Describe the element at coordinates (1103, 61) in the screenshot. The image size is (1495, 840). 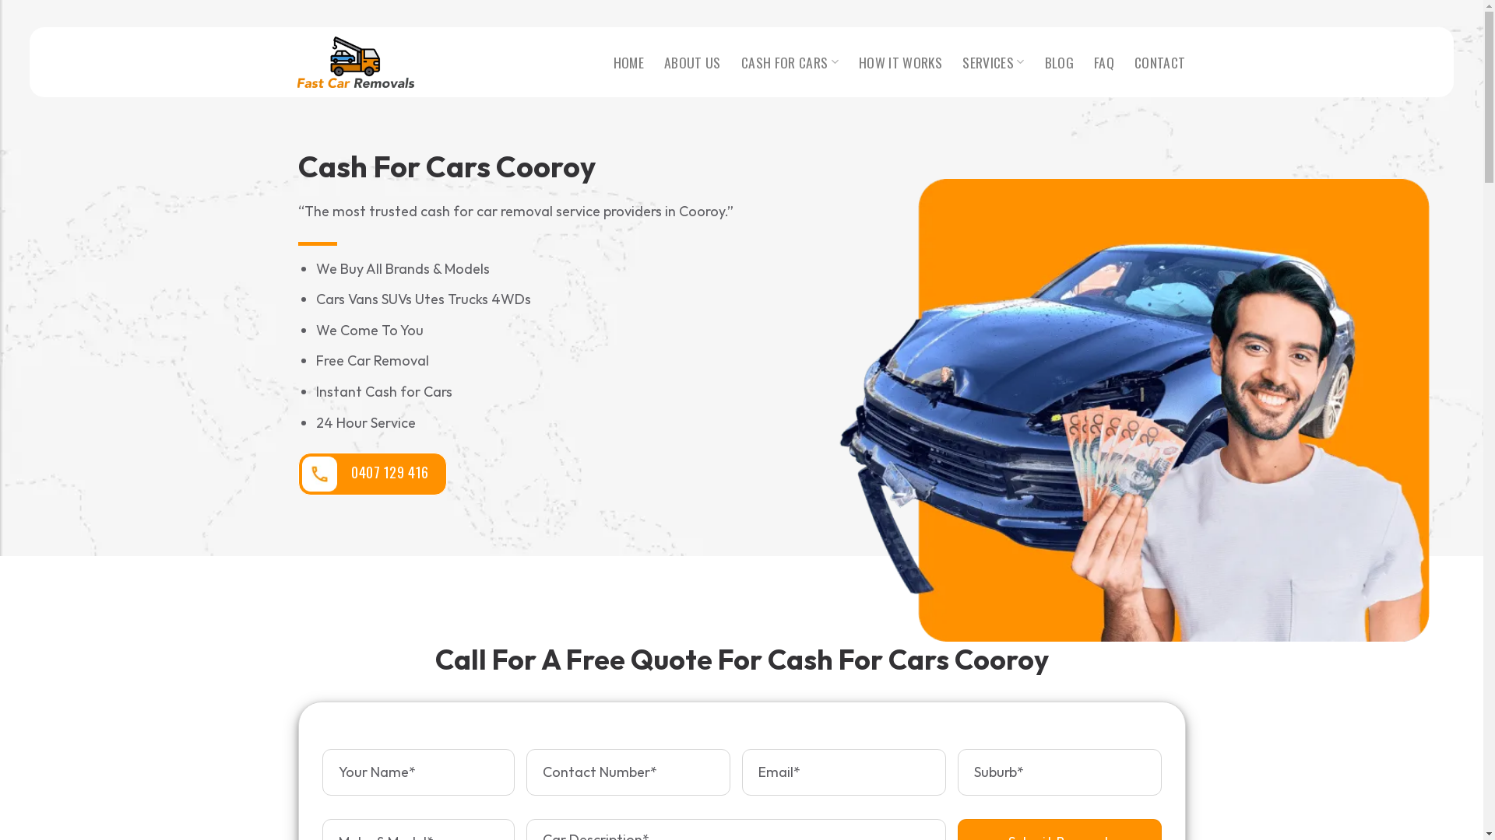
I see `'FAQ'` at that location.